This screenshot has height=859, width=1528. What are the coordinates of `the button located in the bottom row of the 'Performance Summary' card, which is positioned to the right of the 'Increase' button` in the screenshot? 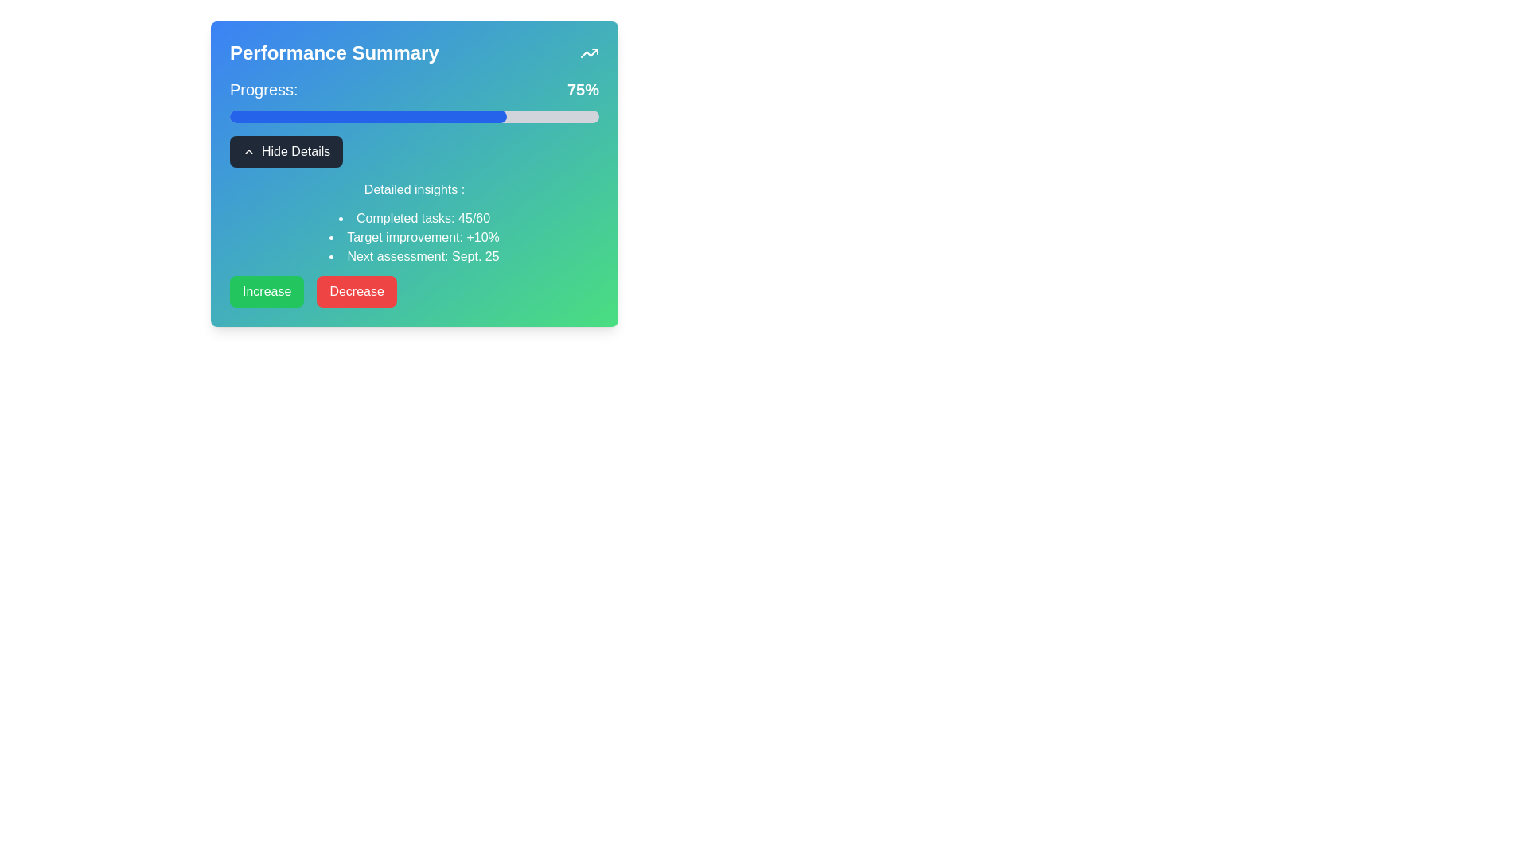 It's located at (356, 291).